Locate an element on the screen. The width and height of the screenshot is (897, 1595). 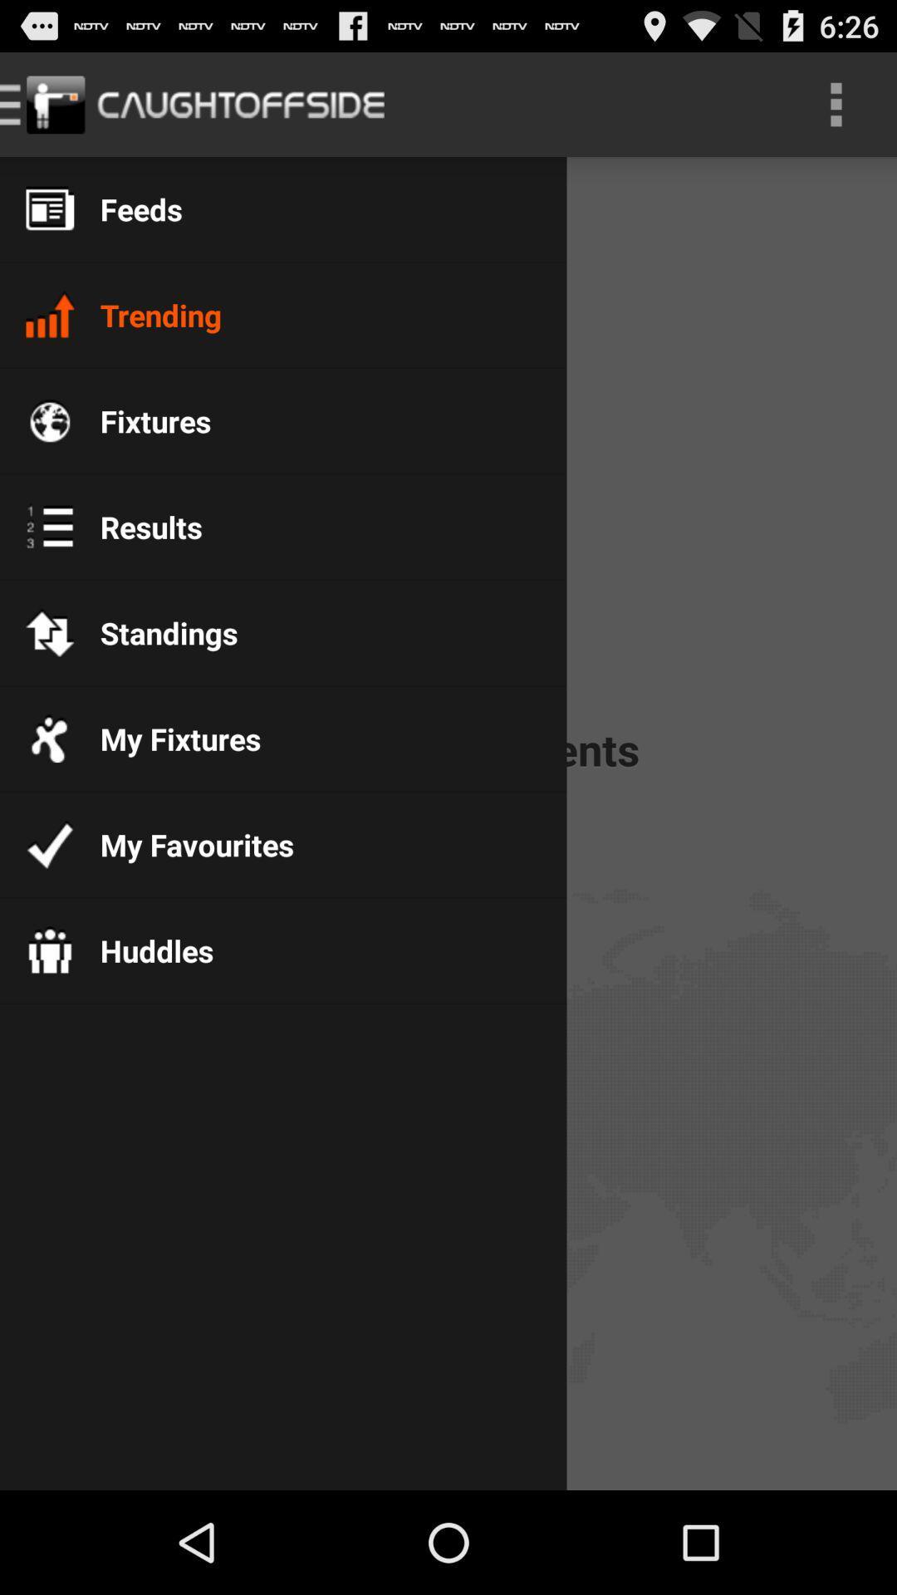
the icon beside the text standings is located at coordinates (49, 632).